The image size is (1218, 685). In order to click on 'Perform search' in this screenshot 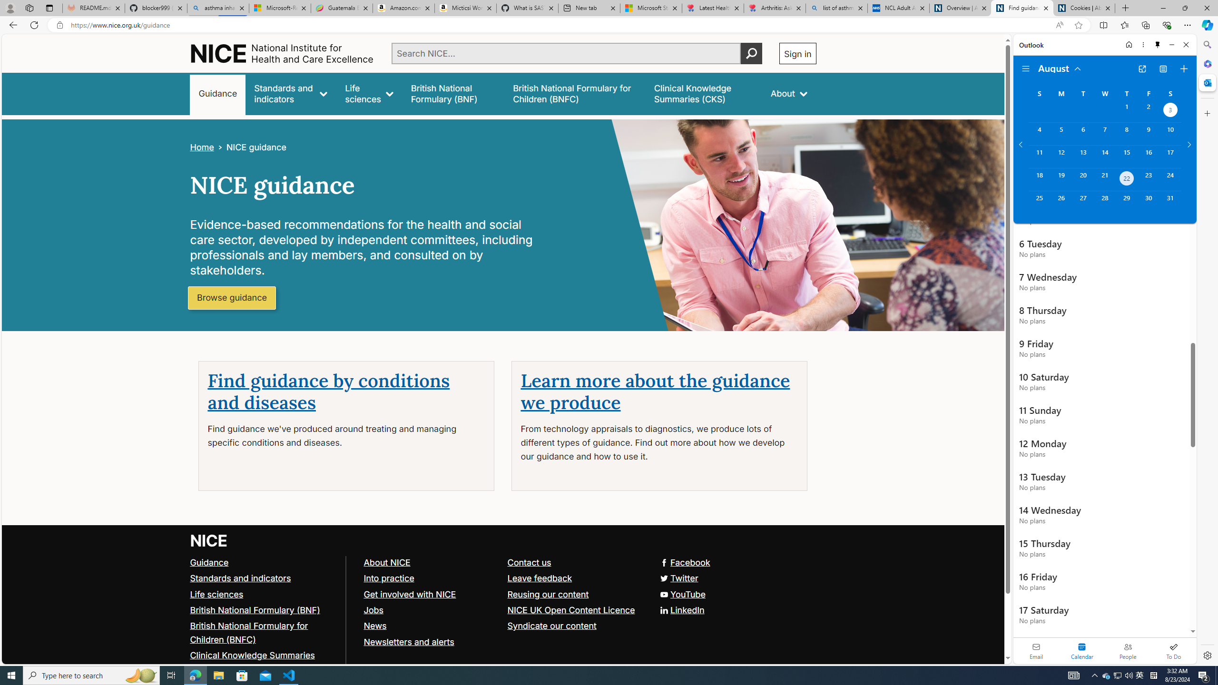, I will do `click(751, 53)`.